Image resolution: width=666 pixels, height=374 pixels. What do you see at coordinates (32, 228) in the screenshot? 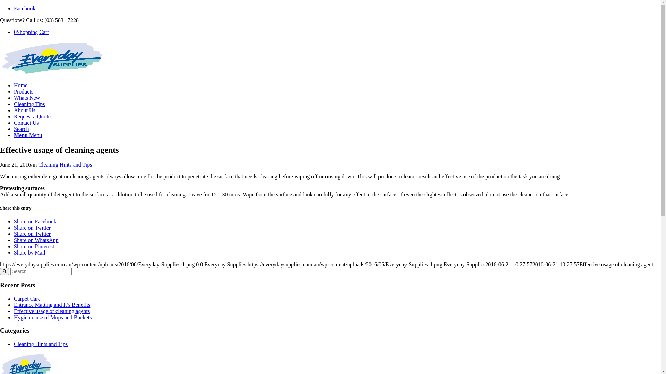
I see `'Share on Twitter'` at bounding box center [32, 228].